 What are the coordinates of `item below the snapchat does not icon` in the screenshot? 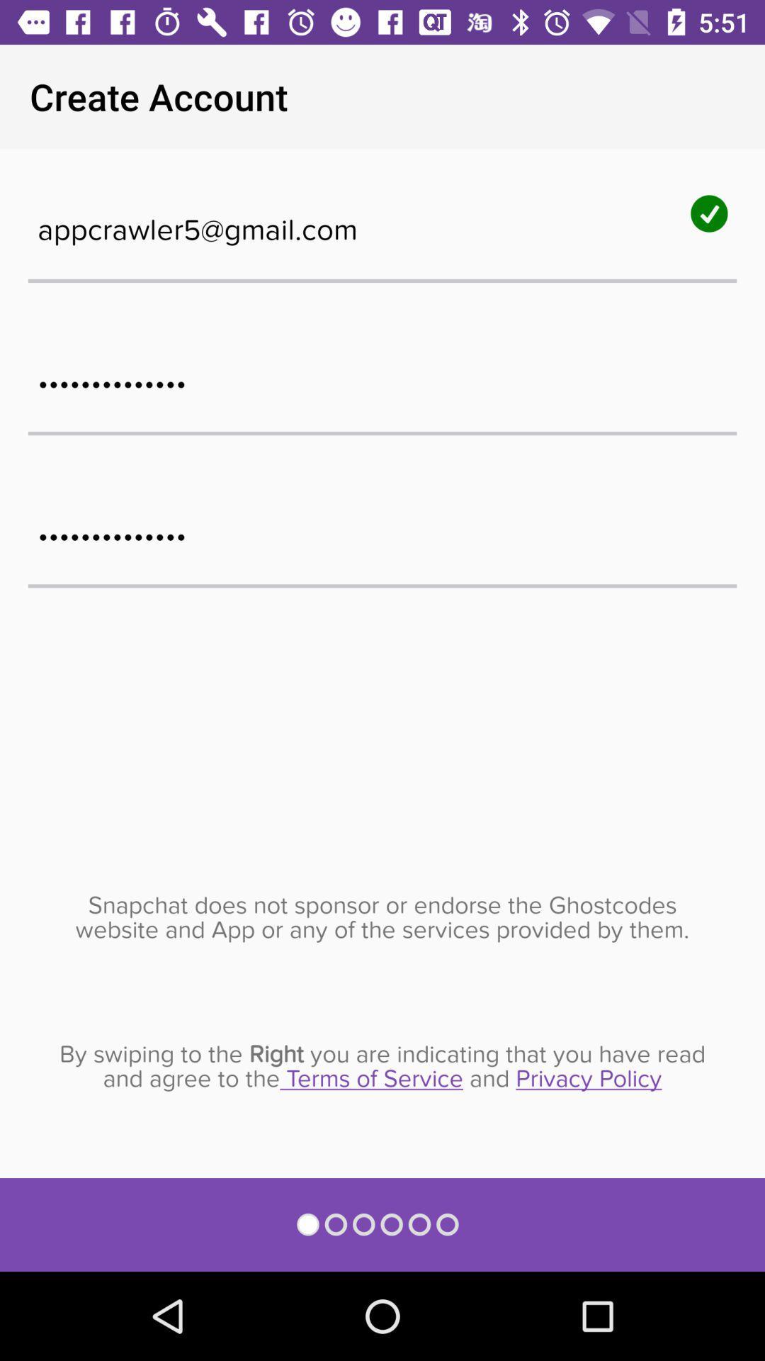 It's located at (382, 1067).